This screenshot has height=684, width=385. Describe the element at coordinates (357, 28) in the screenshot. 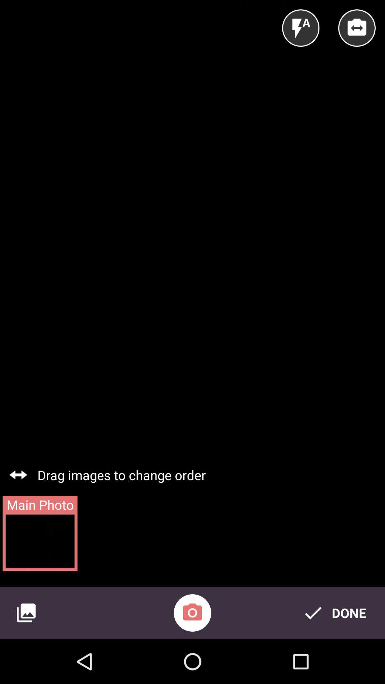

I see `the icon above the drag images to icon` at that location.